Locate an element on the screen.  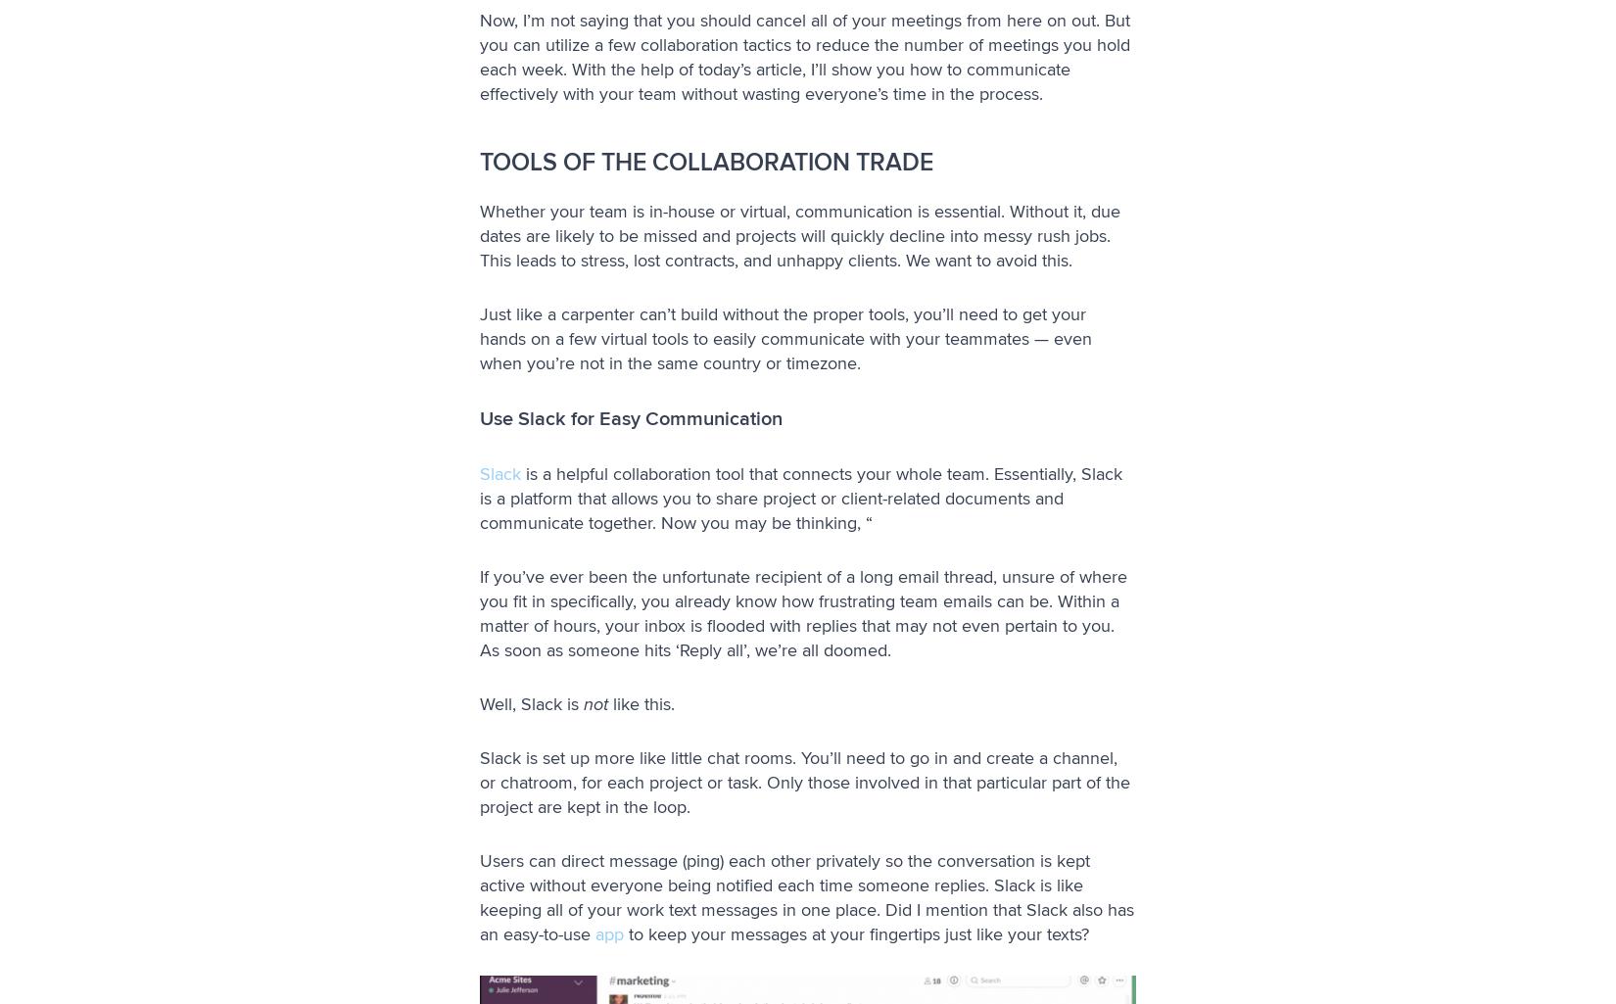
'not' is located at coordinates (594, 701).